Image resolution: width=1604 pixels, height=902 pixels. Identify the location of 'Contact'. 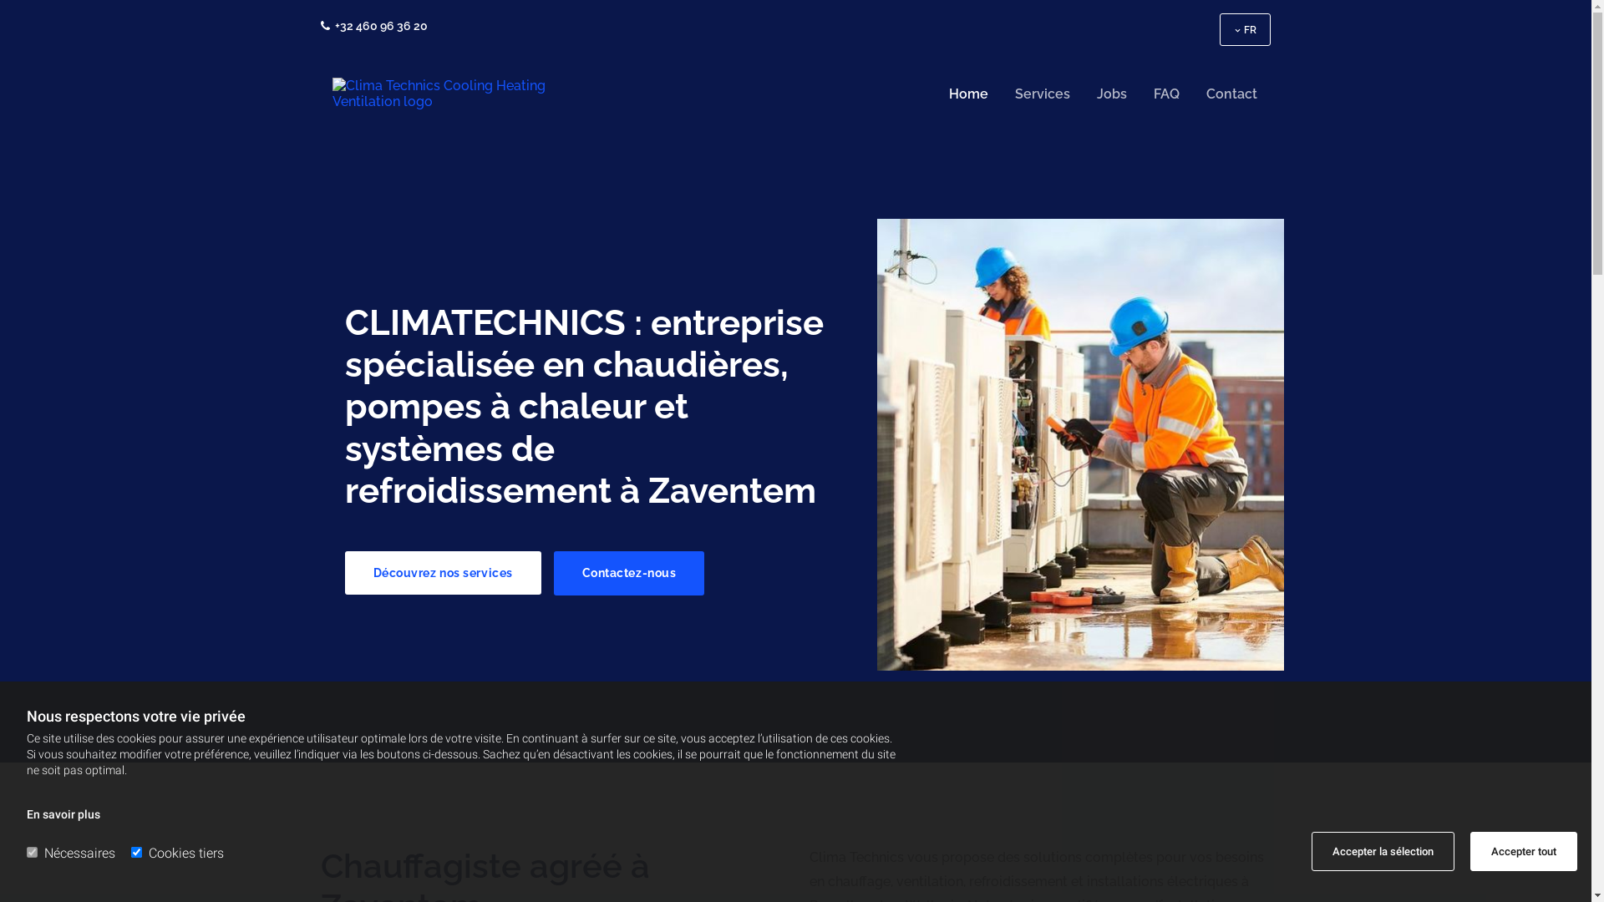
(1231, 94).